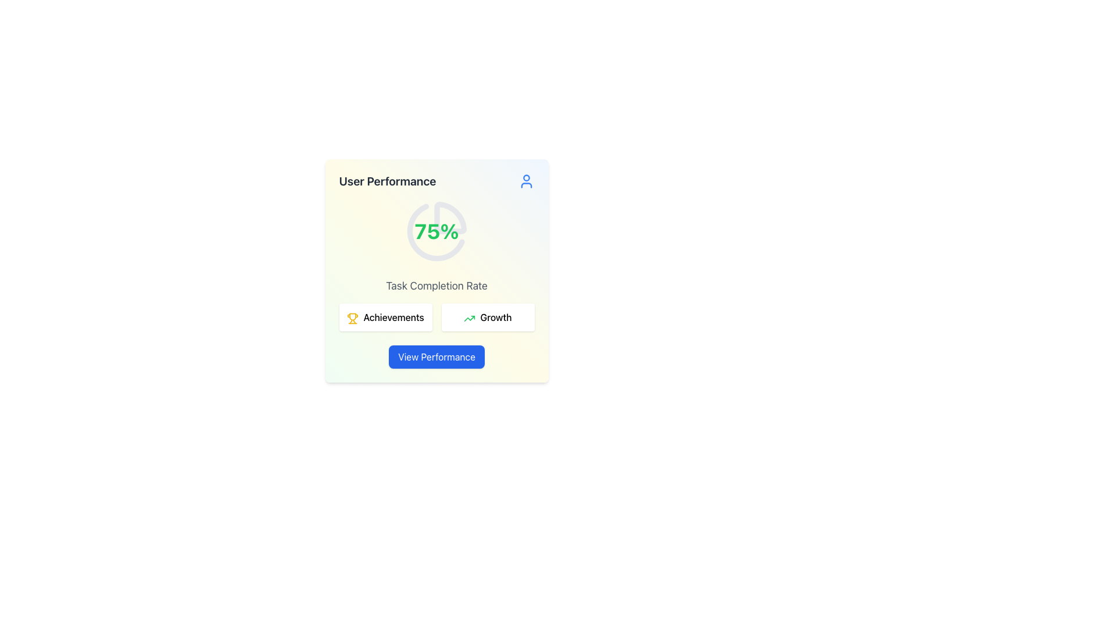 The width and height of the screenshot is (1116, 628). What do you see at coordinates (436, 231) in the screenshot?
I see `the text label that visually represents the percentage measure of task completion, located in the 'User Performance' card layout` at bounding box center [436, 231].